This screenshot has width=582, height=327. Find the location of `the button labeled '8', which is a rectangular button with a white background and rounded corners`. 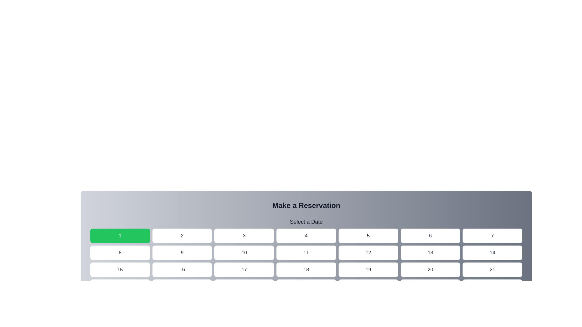

the button labeled '8', which is a rectangular button with a white background and rounded corners is located at coordinates (120, 253).